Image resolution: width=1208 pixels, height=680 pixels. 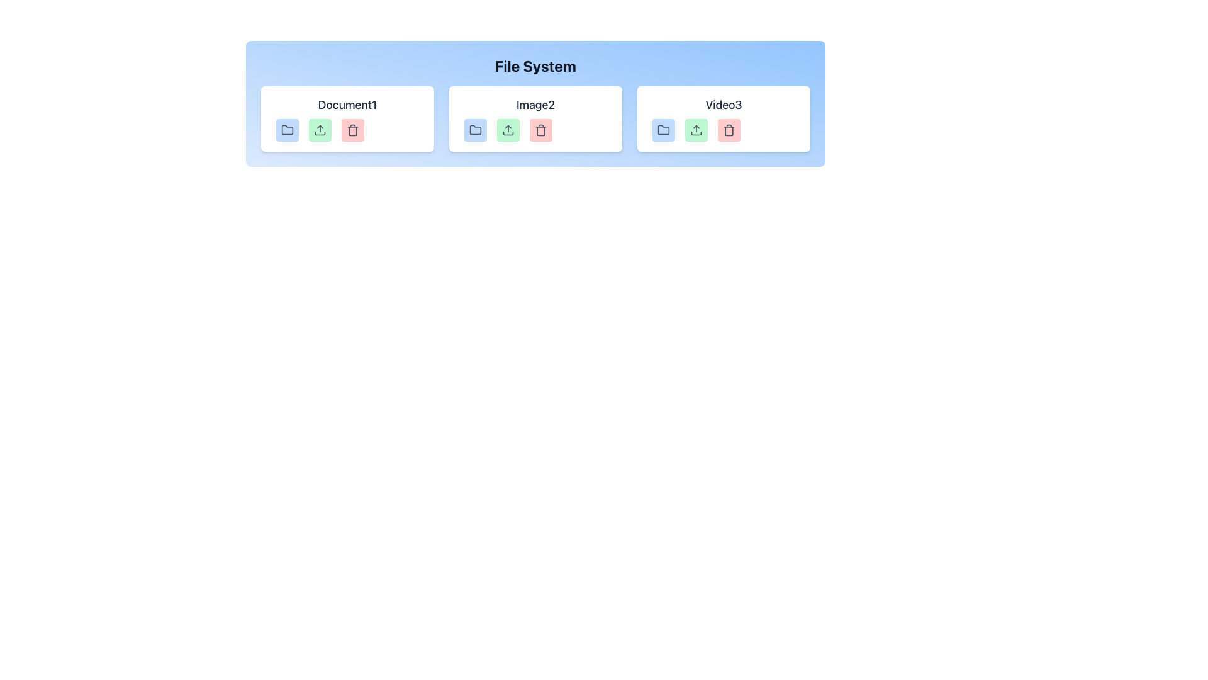 What do you see at coordinates (286, 129) in the screenshot?
I see `the folder-shaped icon with a blue outline located` at bounding box center [286, 129].